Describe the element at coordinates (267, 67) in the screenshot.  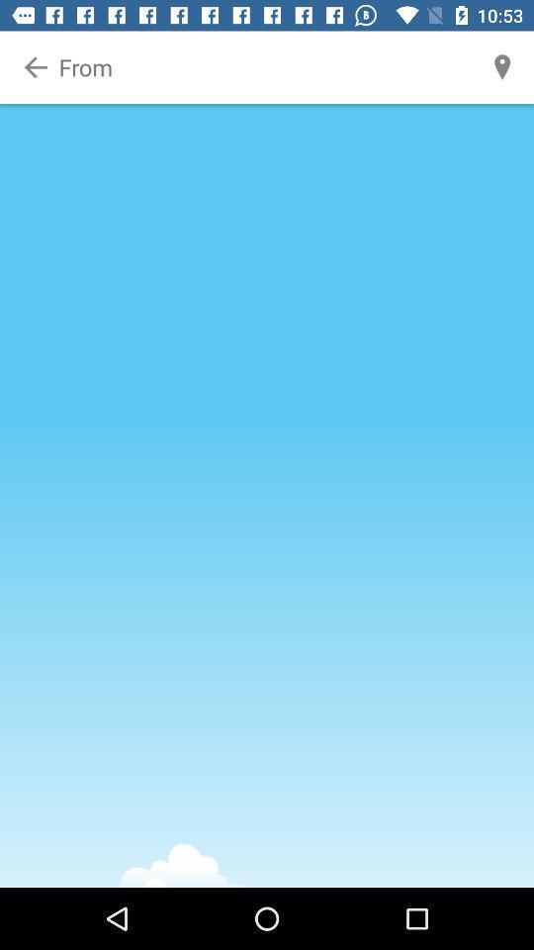
I see `from location` at that location.